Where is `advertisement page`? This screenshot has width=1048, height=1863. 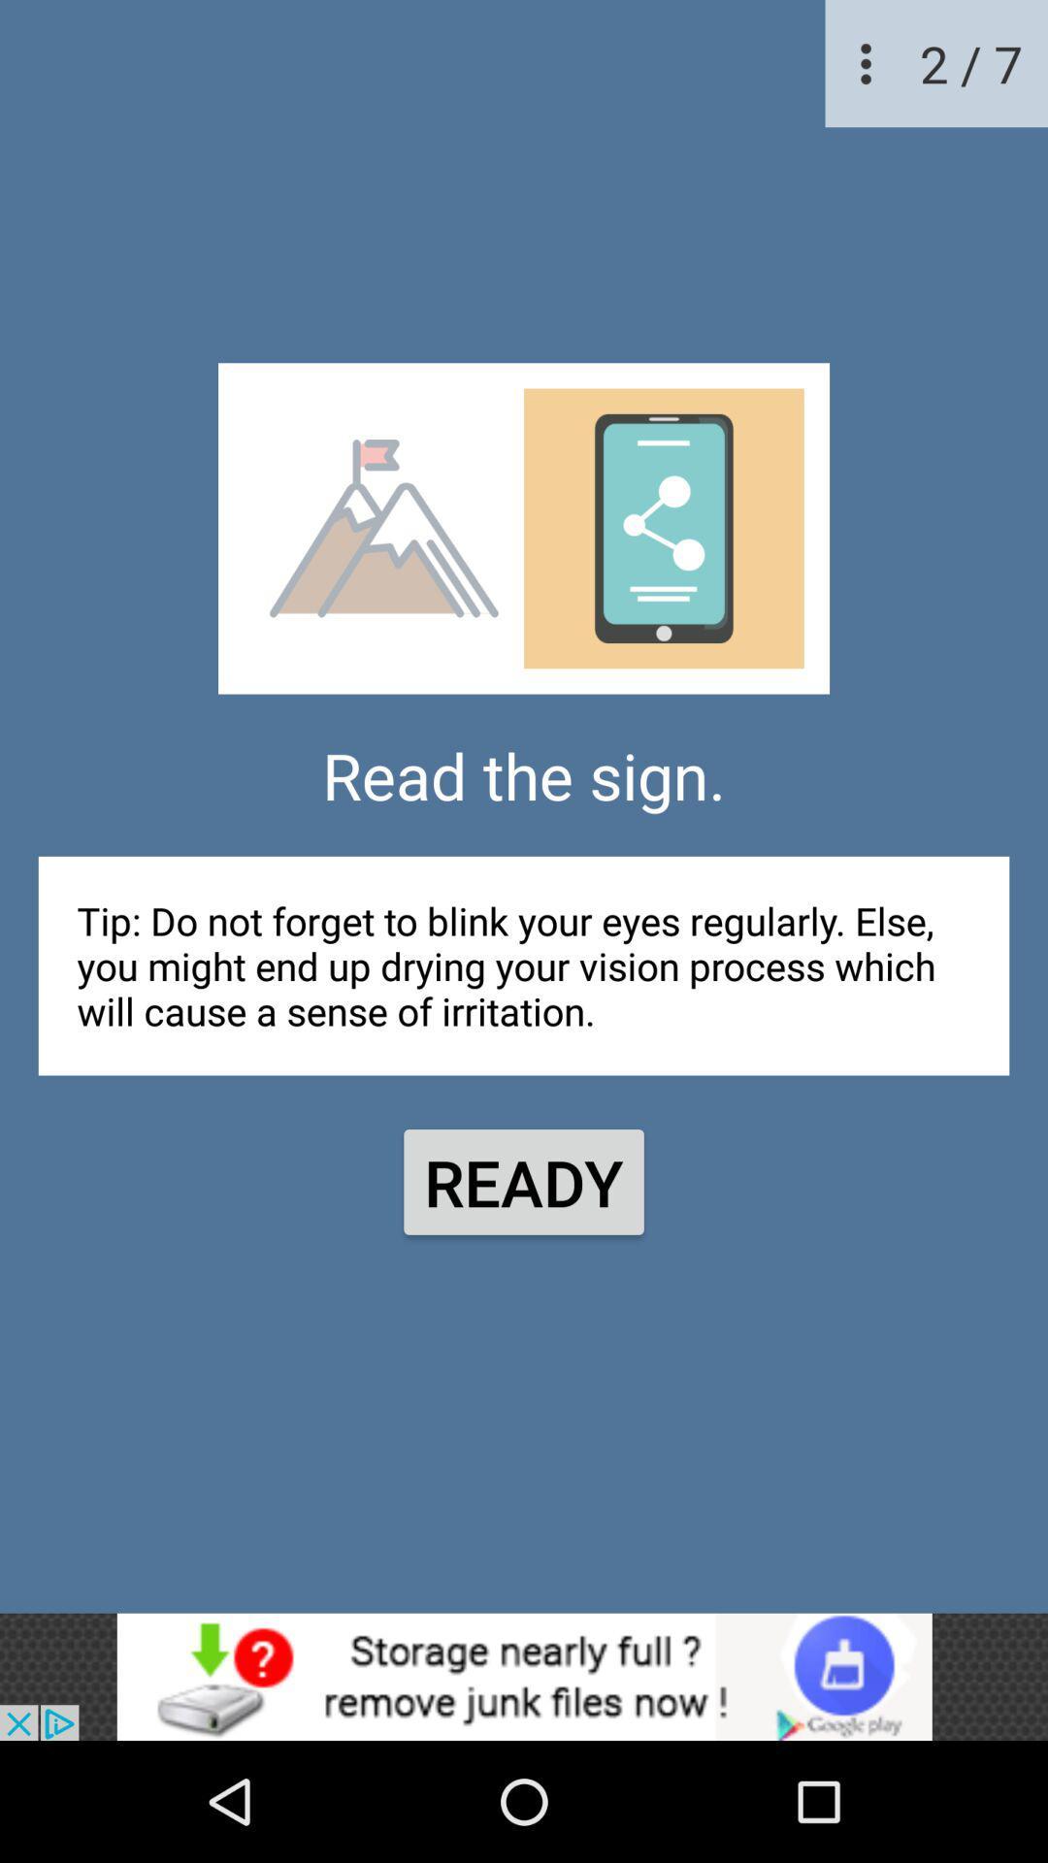
advertisement page is located at coordinates (524, 1676).